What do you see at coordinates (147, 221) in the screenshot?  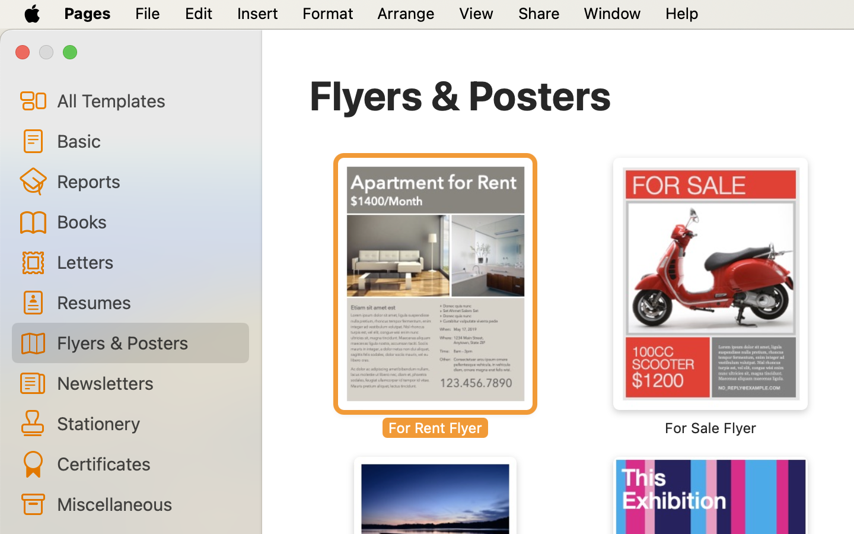 I see `'Books'` at bounding box center [147, 221].